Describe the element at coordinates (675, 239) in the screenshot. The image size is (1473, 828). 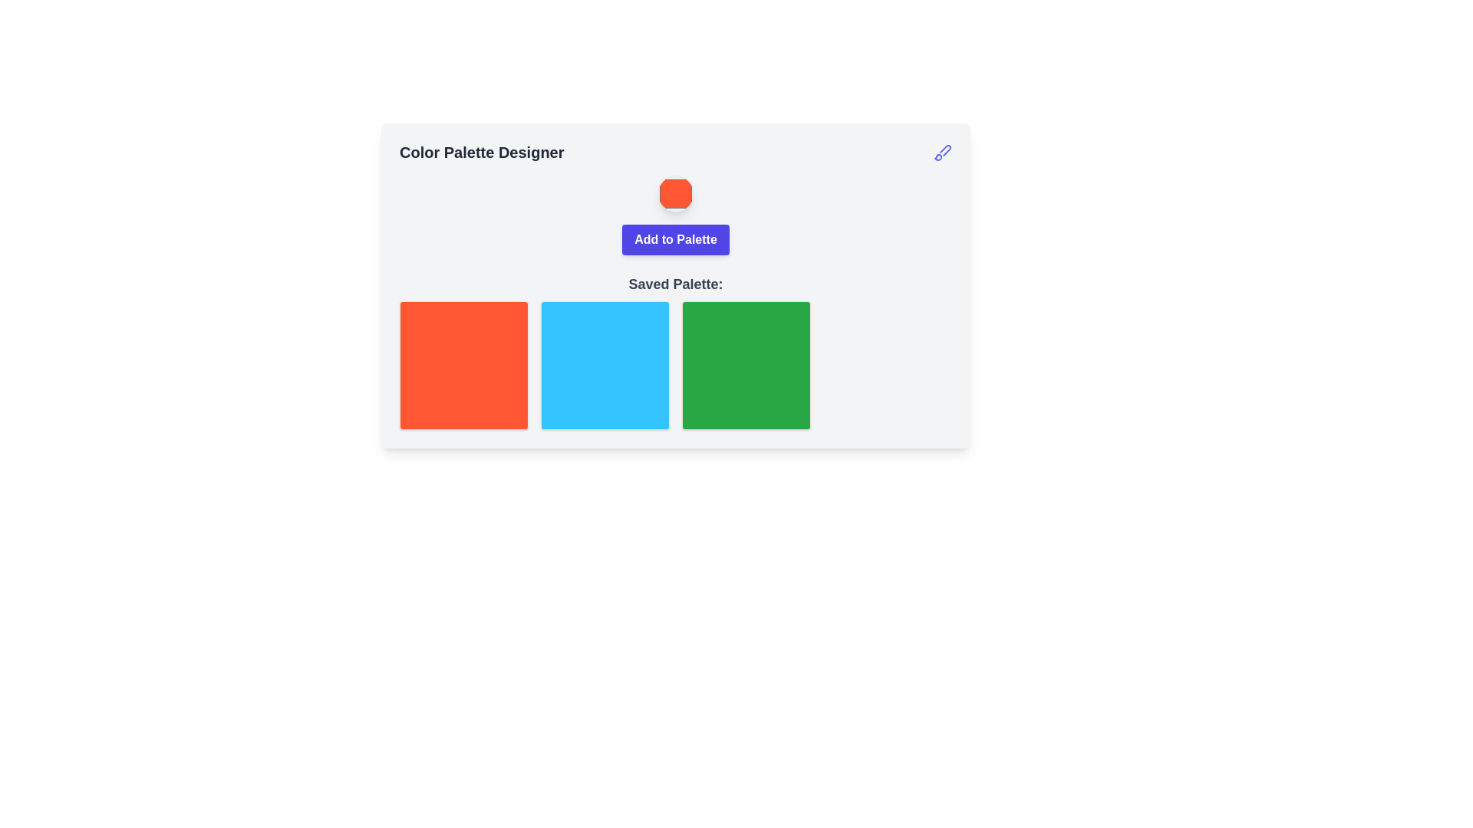
I see `the 'Add to Palette' button, which is a bold indigo rectangular button with rounded corners and white text` at that location.